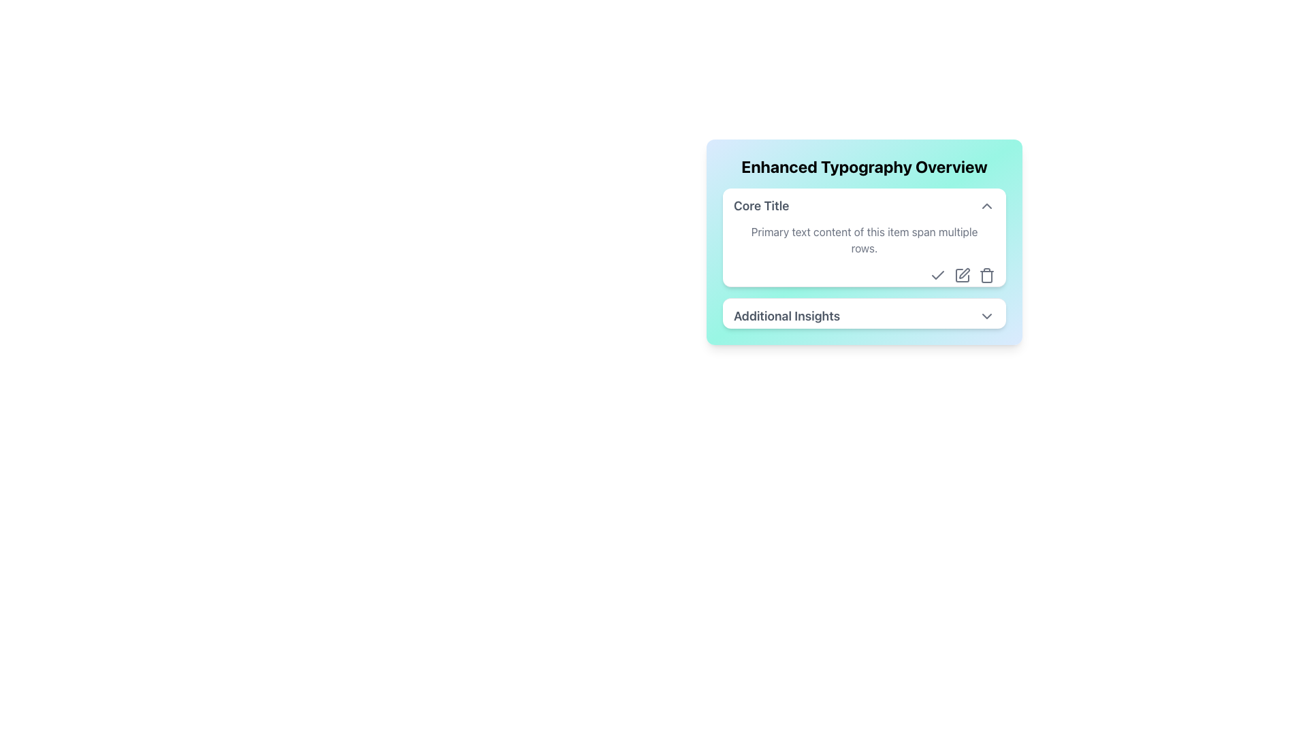  Describe the element at coordinates (986, 276) in the screenshot. I see `the trash can icon button located at the bottom-right corner of the card to initiate a delete action` at that location.